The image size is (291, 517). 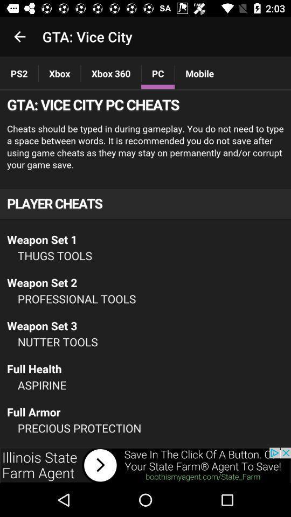 What do you see at coordinates (145, 268) in the screenshot?
I see `advertisement page` at bounding box center [145, 268].